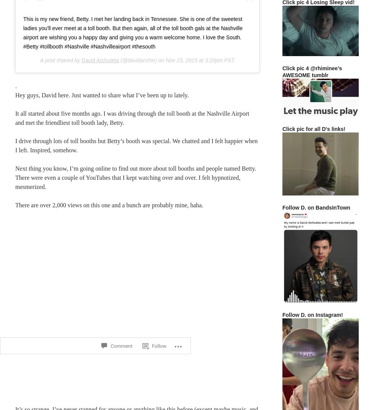  Describe the element at coordinates (132, 32) in the screenshot. I see `'This is my new friend, Betty.  I met her landing back in Tennessee. She is one of the sweetest ladies you'll ever meet at a toll booth.  But then again, all of the toll booth gals at the Nashville airport are wishing you a happy day and giving you a warm welcome home.  I love the South. #Betty #tollbooth #Nashville #Nashvilleairport #thesouth'` at that location.